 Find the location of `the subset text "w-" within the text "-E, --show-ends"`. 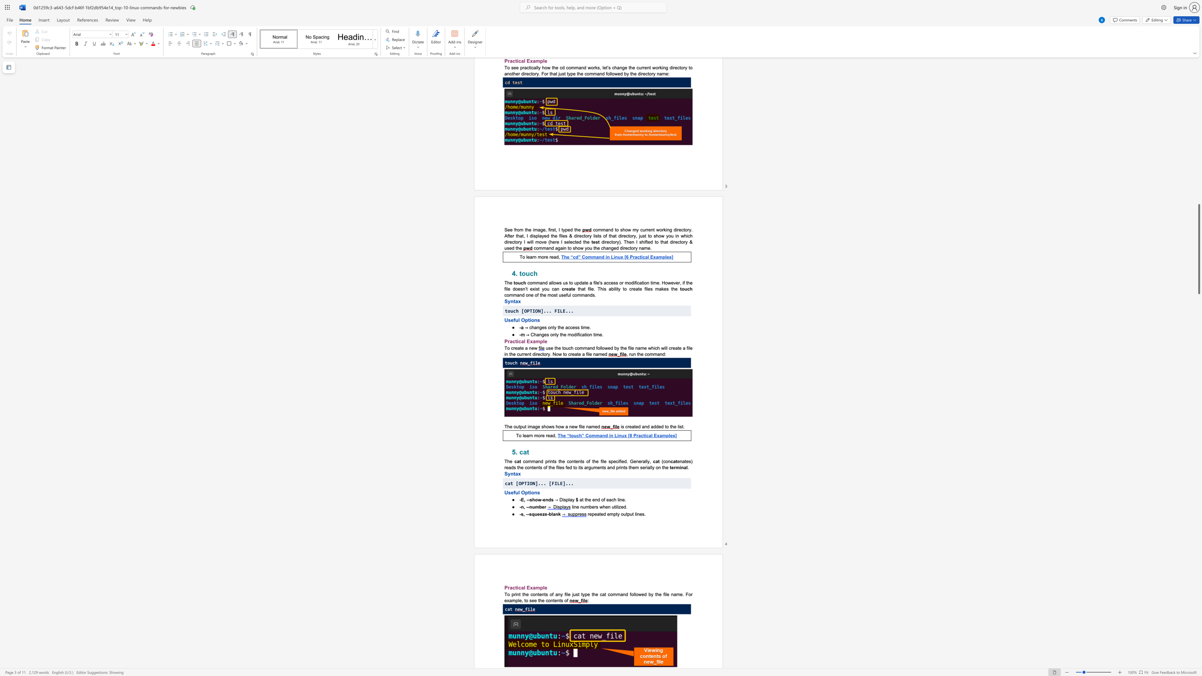

the subset text "w-" within the text "-E, --show-ends" is located at coordinates (538, 500).